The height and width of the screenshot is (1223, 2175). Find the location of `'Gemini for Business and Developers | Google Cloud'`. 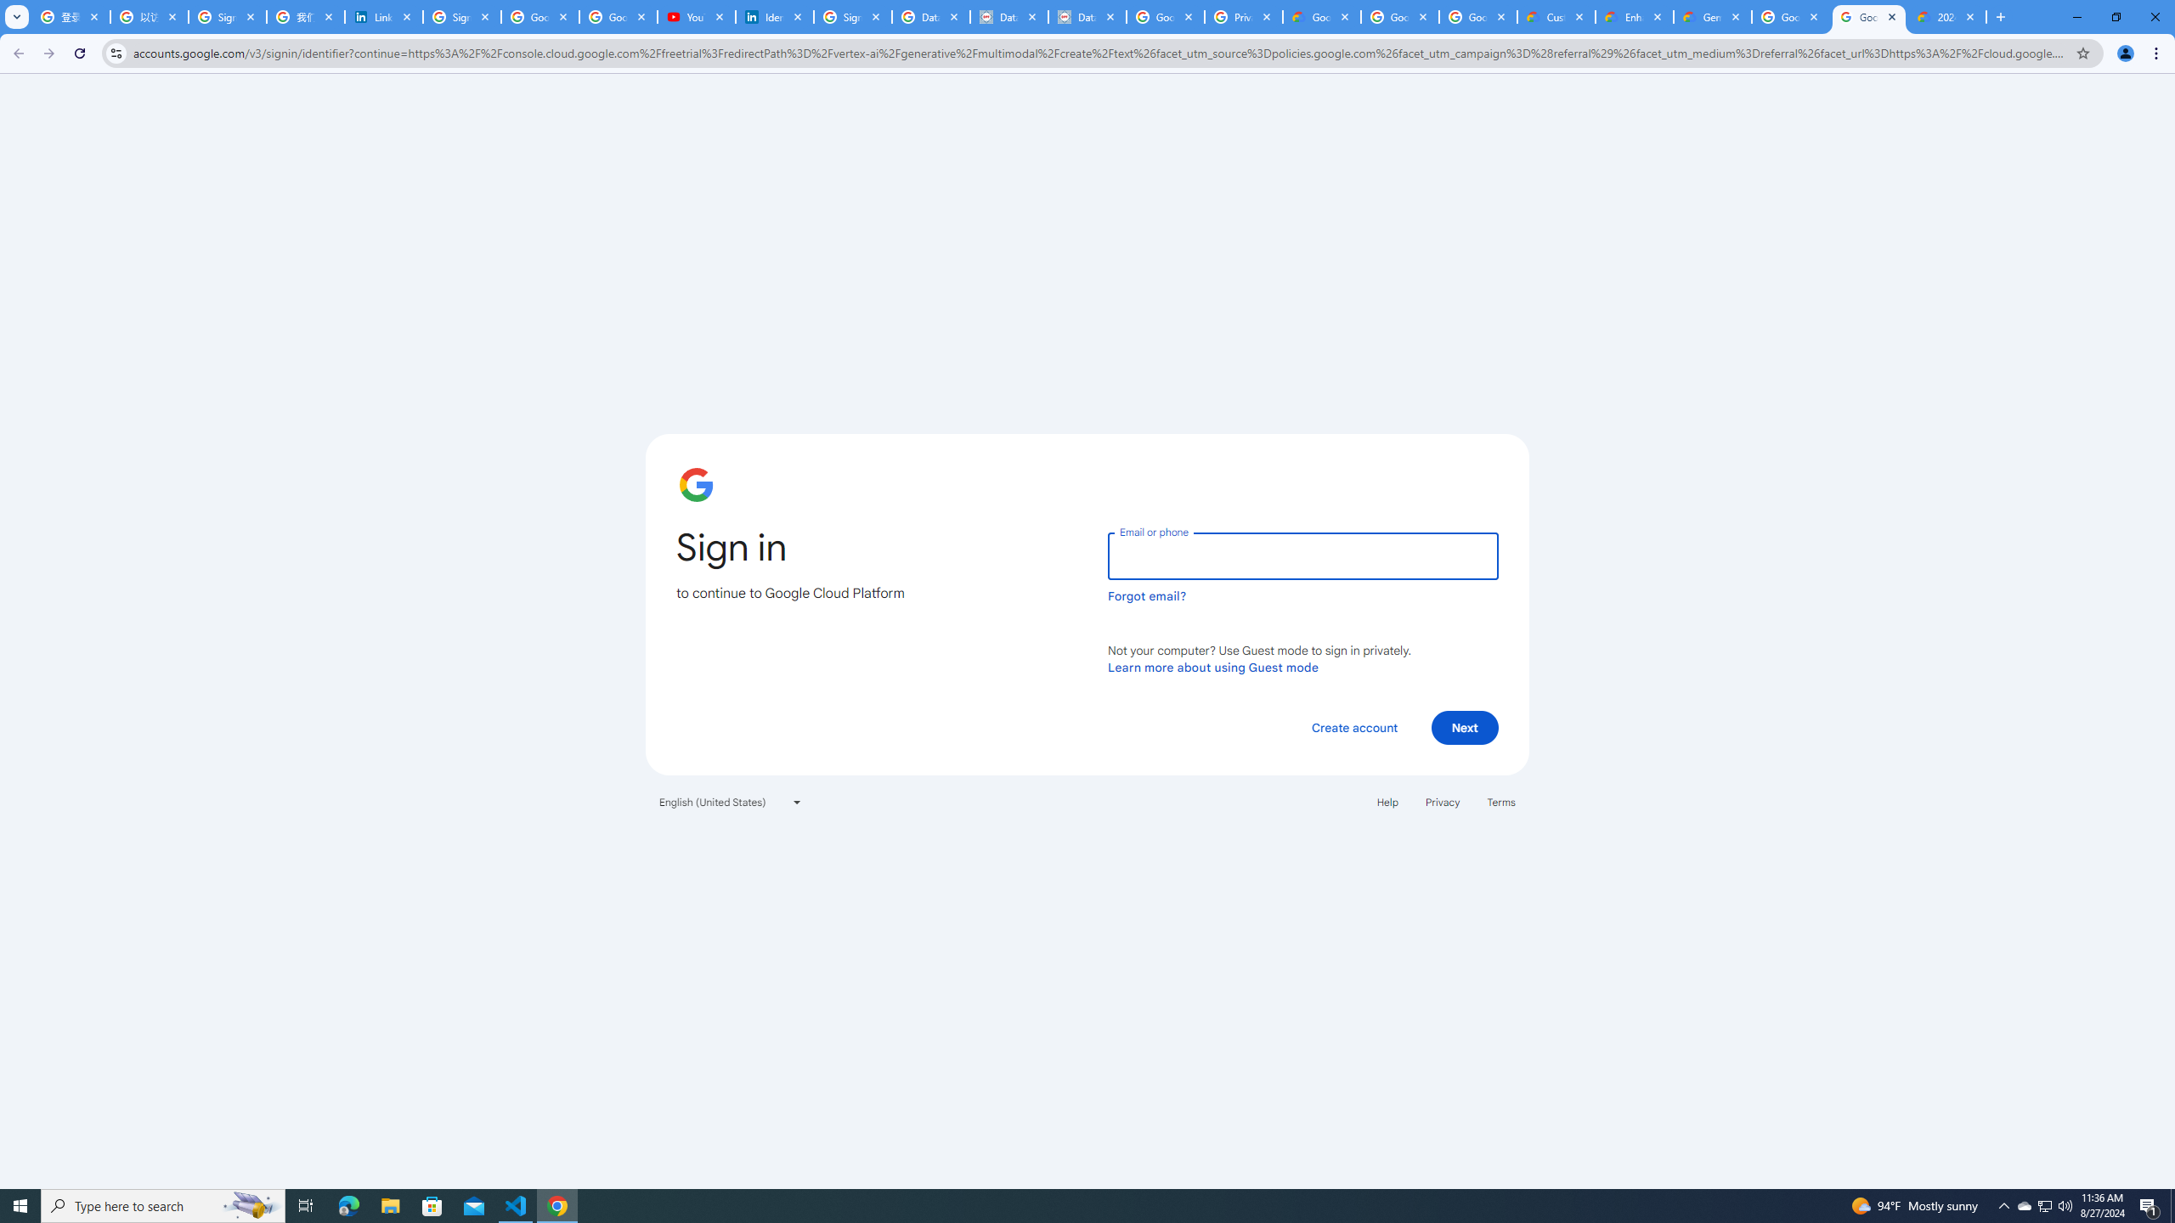

'Gemini for Business and Developers | Google Cloud' is located at coordinates (1712, 16).